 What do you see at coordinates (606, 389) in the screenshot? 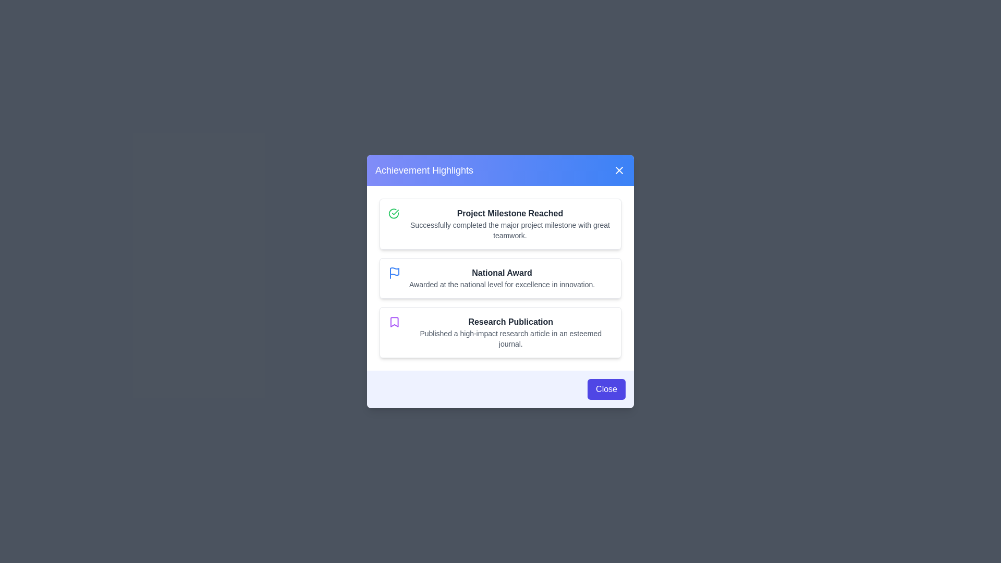
I see `the 'Close' button, which is a white text button on a blue background located at the bottom-right corner of the modal dialog box` at bounding box center [606, 389].